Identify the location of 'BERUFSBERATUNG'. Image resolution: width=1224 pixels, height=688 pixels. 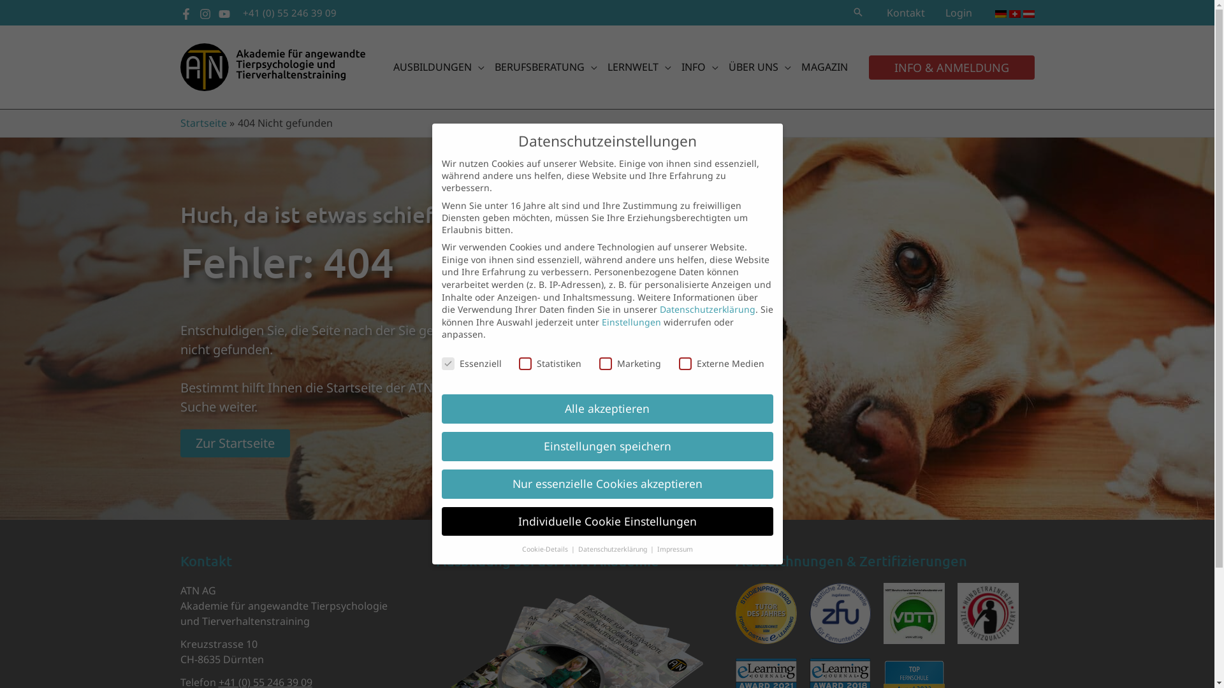
(489, 67).